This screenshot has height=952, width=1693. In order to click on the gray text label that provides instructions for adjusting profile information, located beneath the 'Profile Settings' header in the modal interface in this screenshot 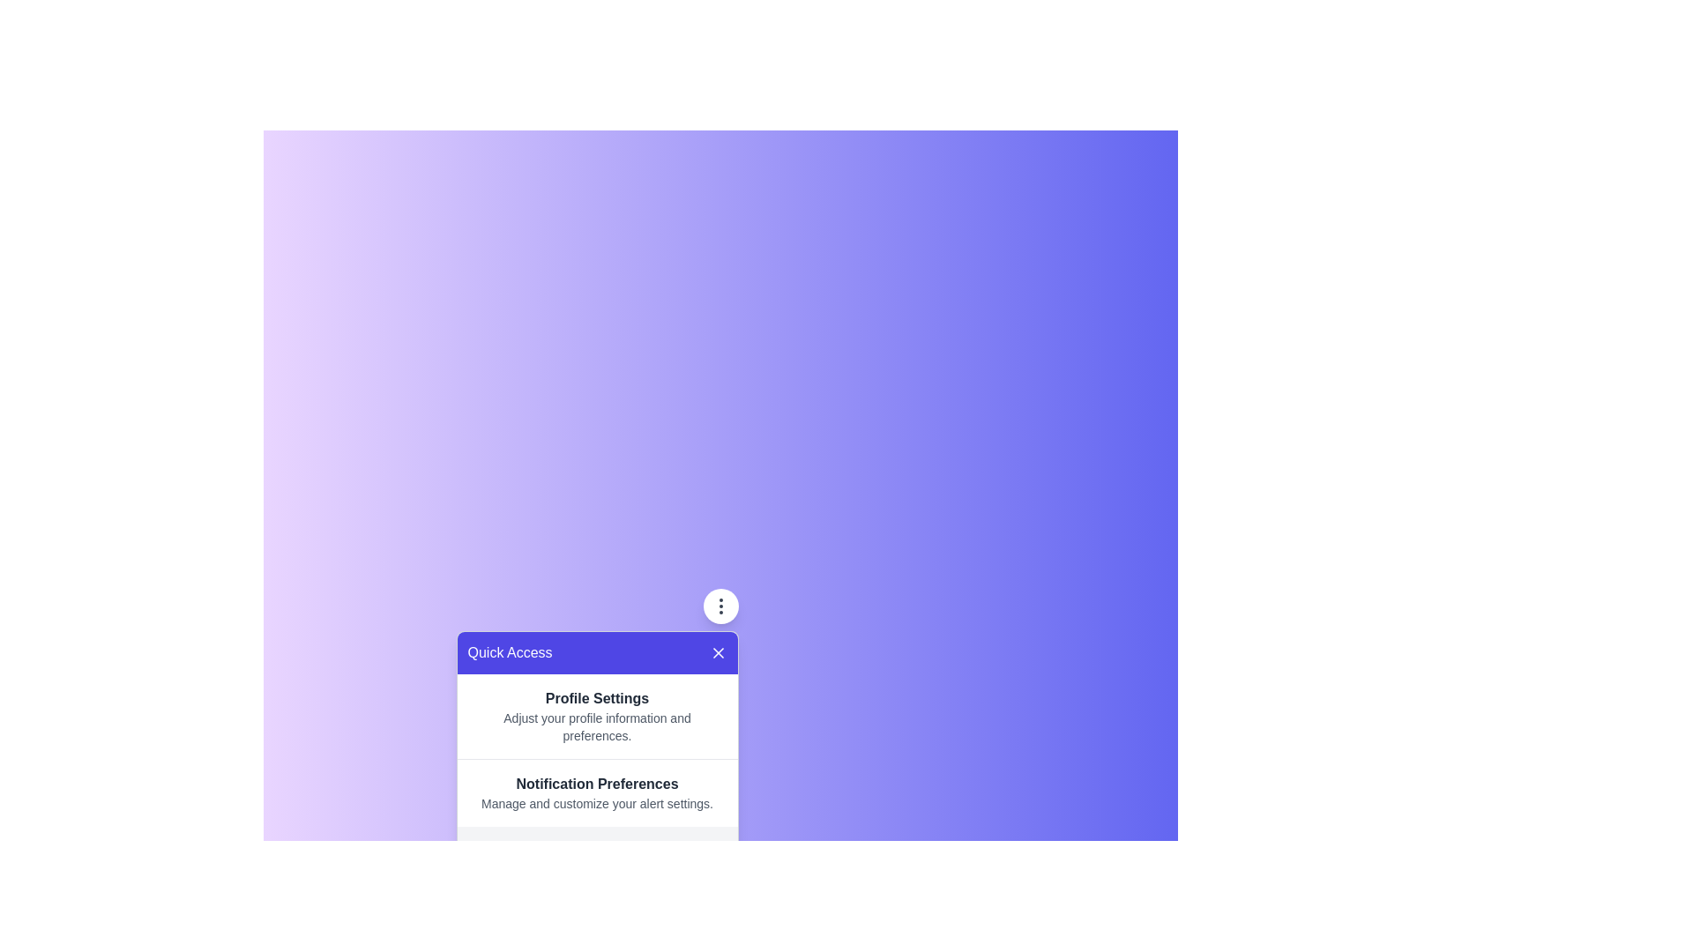, I will do `click(597, 727)`.